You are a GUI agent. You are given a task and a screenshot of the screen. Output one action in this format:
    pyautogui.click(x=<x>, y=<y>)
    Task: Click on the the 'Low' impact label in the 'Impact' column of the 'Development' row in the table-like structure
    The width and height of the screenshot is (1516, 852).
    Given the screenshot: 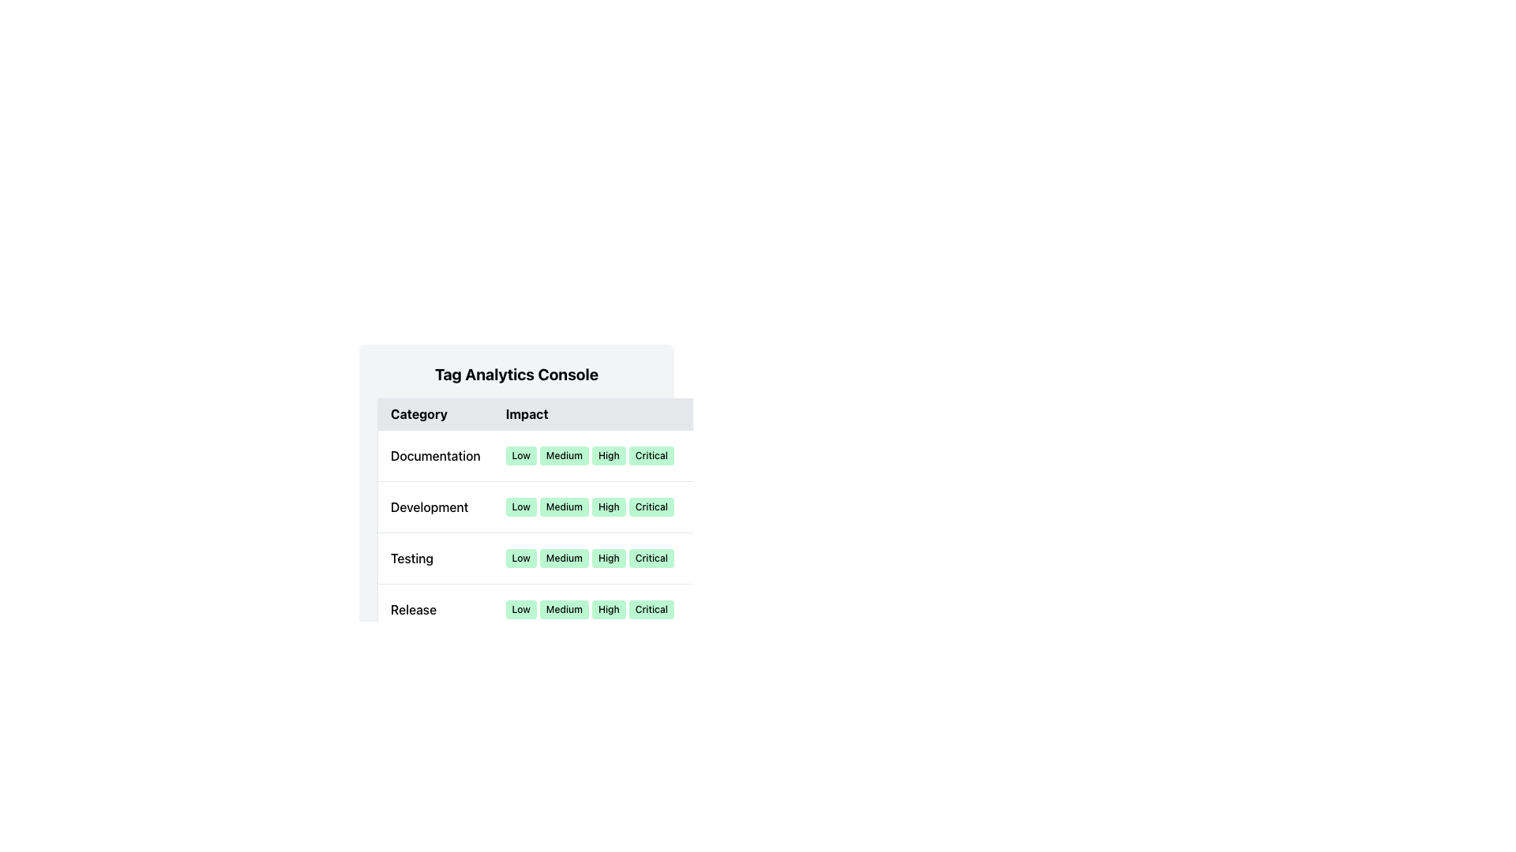 What is the action you would take?
    pyautogui.click(x=521, y=507)
    